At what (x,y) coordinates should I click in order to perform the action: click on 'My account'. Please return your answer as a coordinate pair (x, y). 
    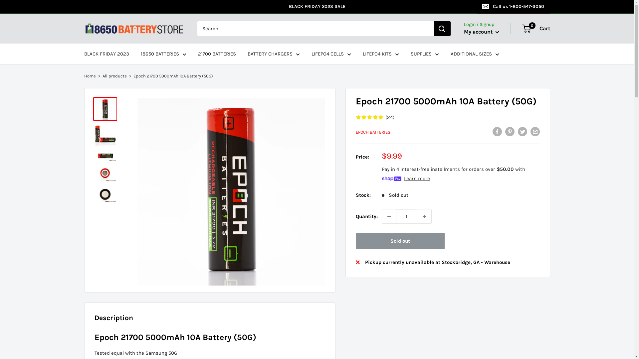
    Looking at the image, I should click on (481, 32).